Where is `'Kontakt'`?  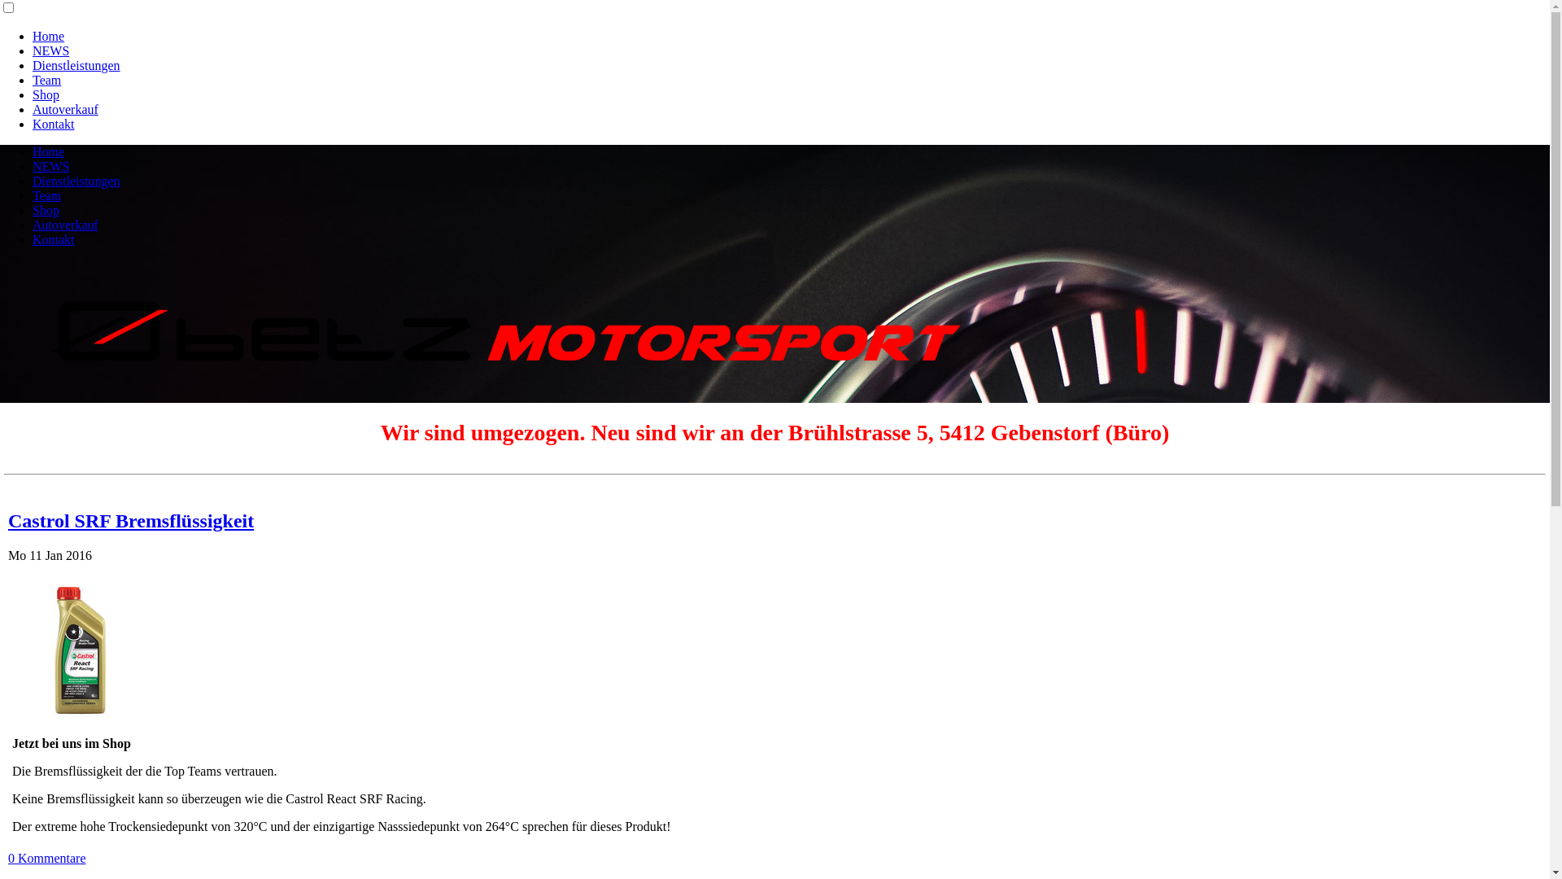 'Kontakt' is located at coordinates (54, 123).